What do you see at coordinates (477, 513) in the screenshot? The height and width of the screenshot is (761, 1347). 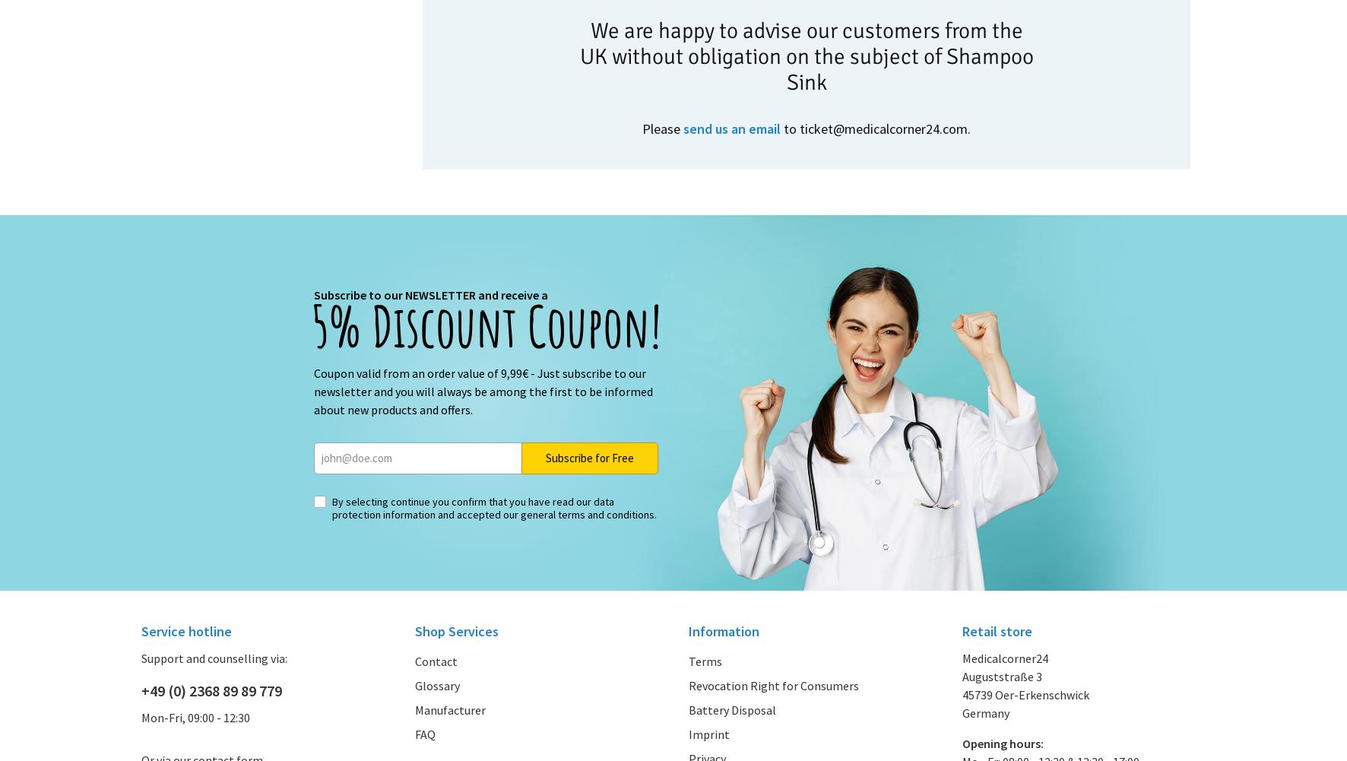 I see `'and accepted our'` at bounding box center [477, 513].